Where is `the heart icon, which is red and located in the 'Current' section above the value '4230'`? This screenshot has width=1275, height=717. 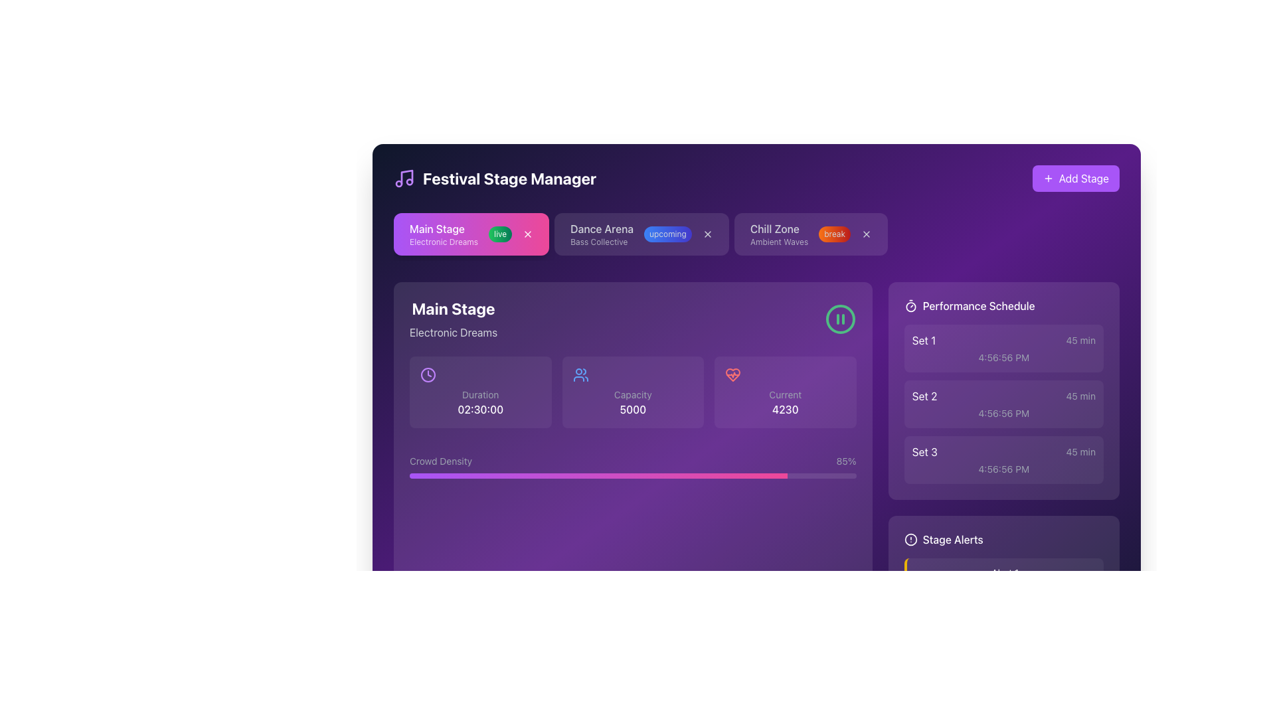
the heart icon, which is red and located in the 'Current' section above the value '4230' is located at coordinates (732, 374).